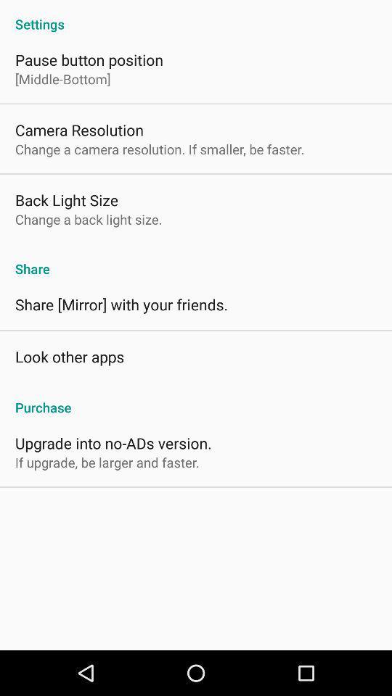 This screenshot has width=392, height=696. What do you see at coordinates (113, 442) in the screenshot?
I see `the upgrade into no item` at bounding box center [113, 442].